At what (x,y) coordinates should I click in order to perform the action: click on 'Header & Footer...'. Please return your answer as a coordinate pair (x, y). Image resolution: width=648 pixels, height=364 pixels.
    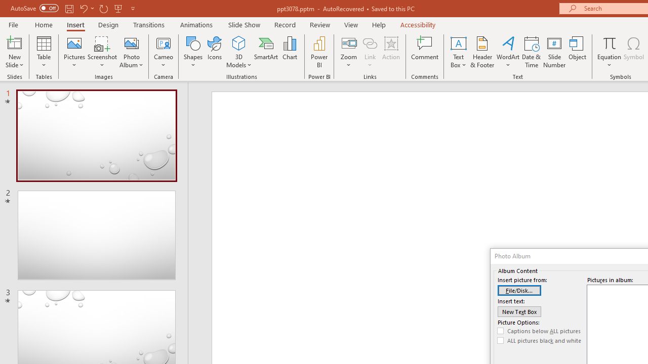
    Looking at the image, I should click on (481, 52).